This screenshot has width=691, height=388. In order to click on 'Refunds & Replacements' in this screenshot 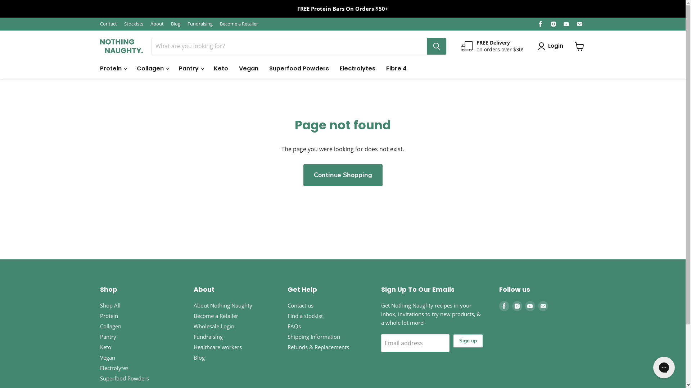, I will do `click(317, 346)`.